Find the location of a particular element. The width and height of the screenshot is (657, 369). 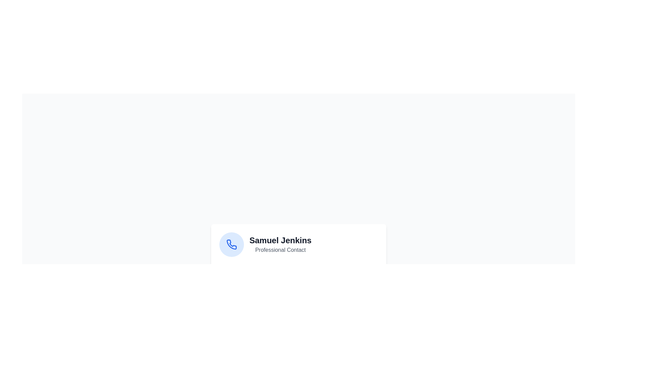

the static text block that identifies the name of a person in a contact card, located above 'Professional Contact' and beside a phone icon is located at coordinates (280, 240).